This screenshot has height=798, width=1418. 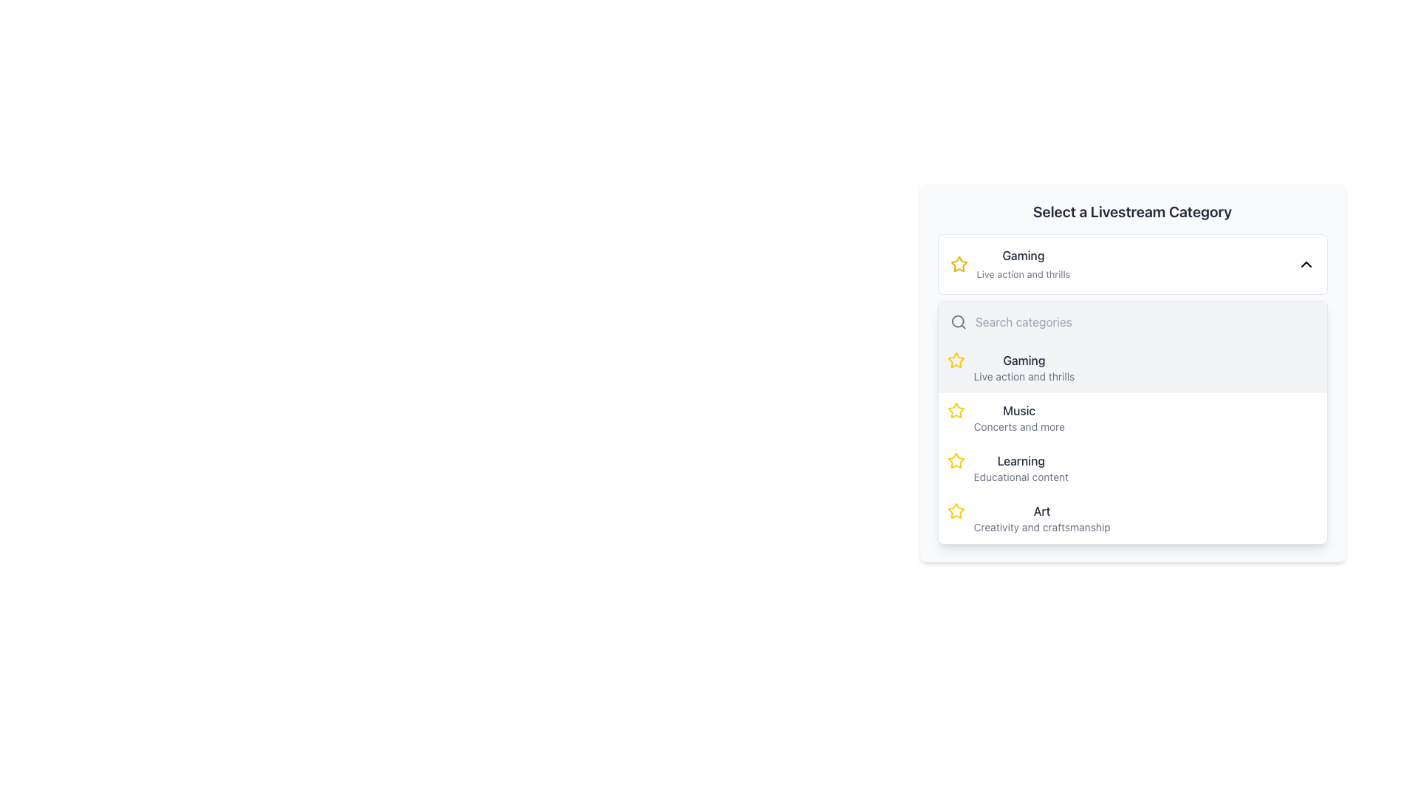 What do you see at coordinates (956, 360) in the screenshot?
I see `the Icon located in the dropdown menu under the 'Gaming' category, which indicates that its associated item is selectable, highlighted, or categorically important` at bounding box center [956, 360].